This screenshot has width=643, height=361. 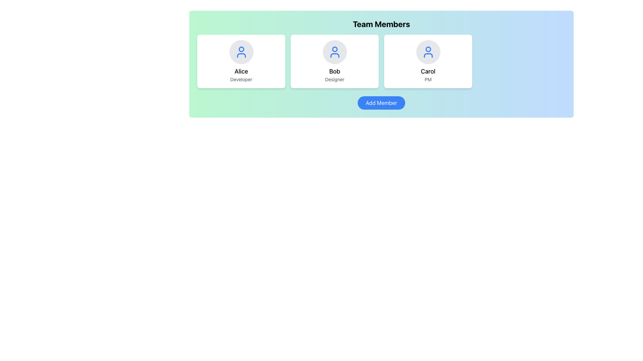 What do you see at coordinates (428, 51) in the screenshot?
I see `the circular icon with a light gray background and a blue user figure located at the top of the 'Carol' and 'PM' card, which is the third card from the left` at bounding box center [428, 51].